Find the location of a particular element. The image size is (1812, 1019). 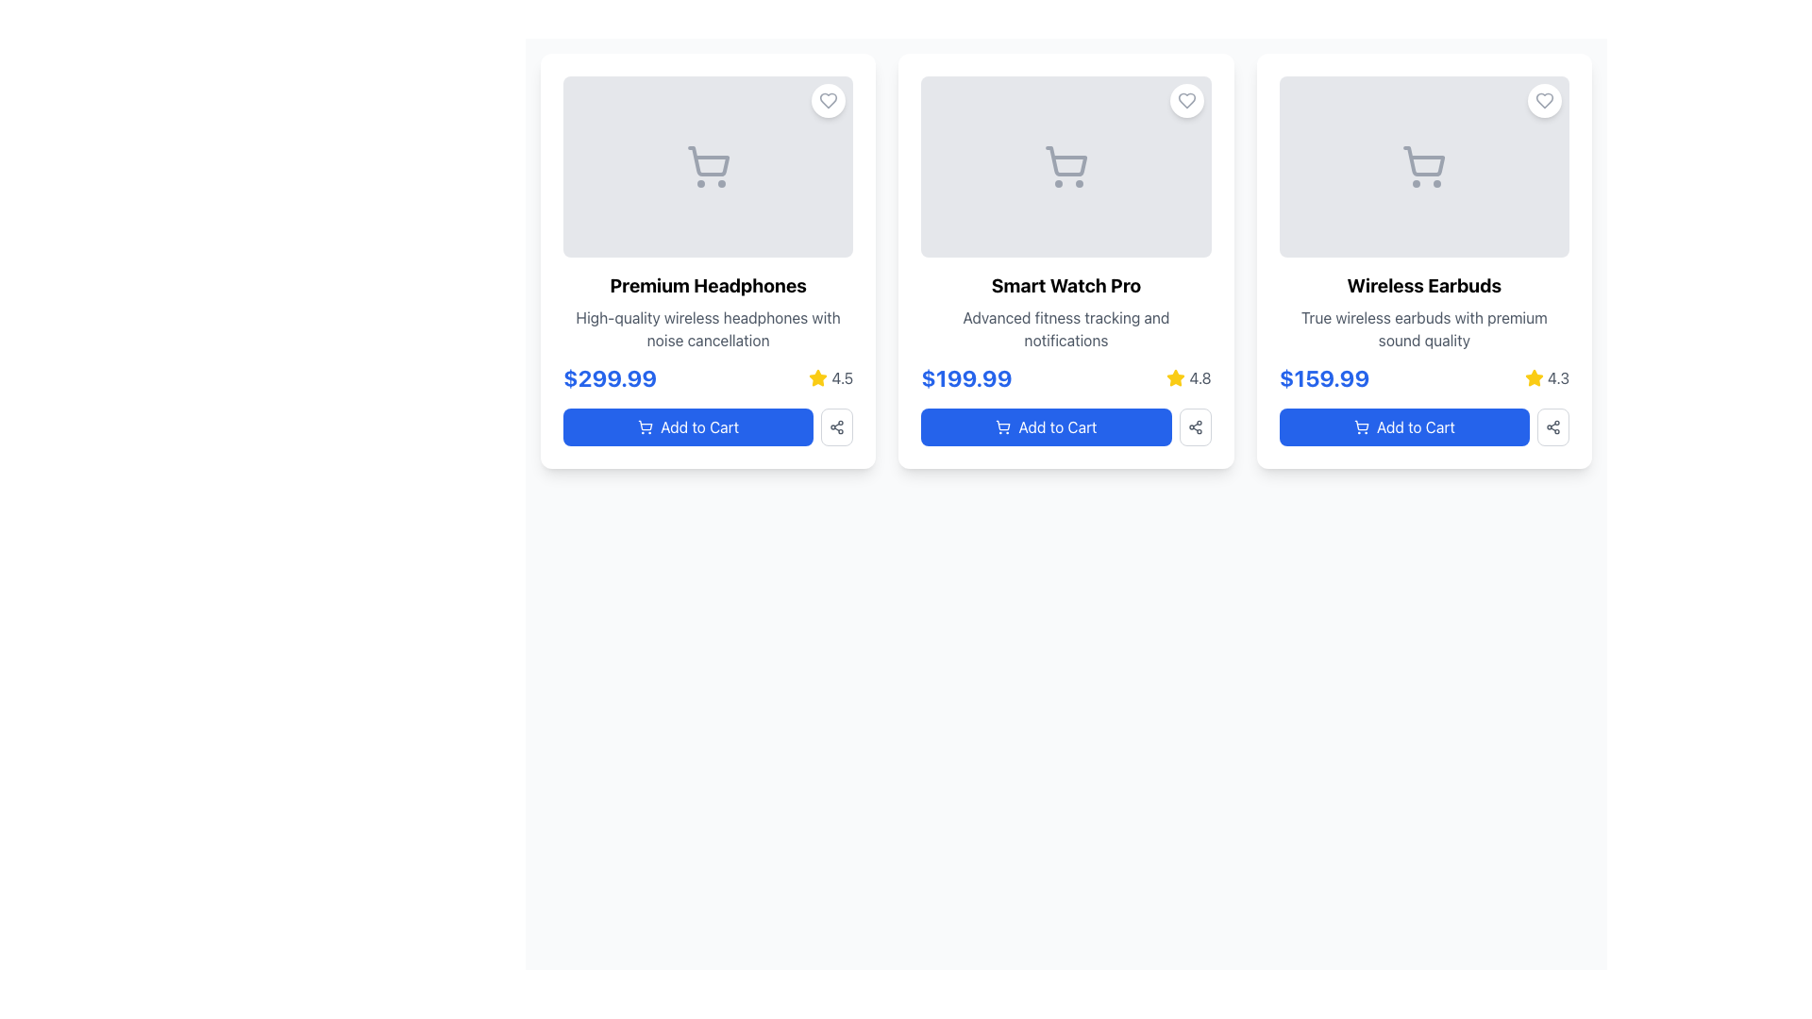

rating value displayed in the rating indicator, which shows a rating of 4.5 and is located in the upper right corner of the 'Premium Headphones' card, next to the price label is located at coordinates (830, 378).